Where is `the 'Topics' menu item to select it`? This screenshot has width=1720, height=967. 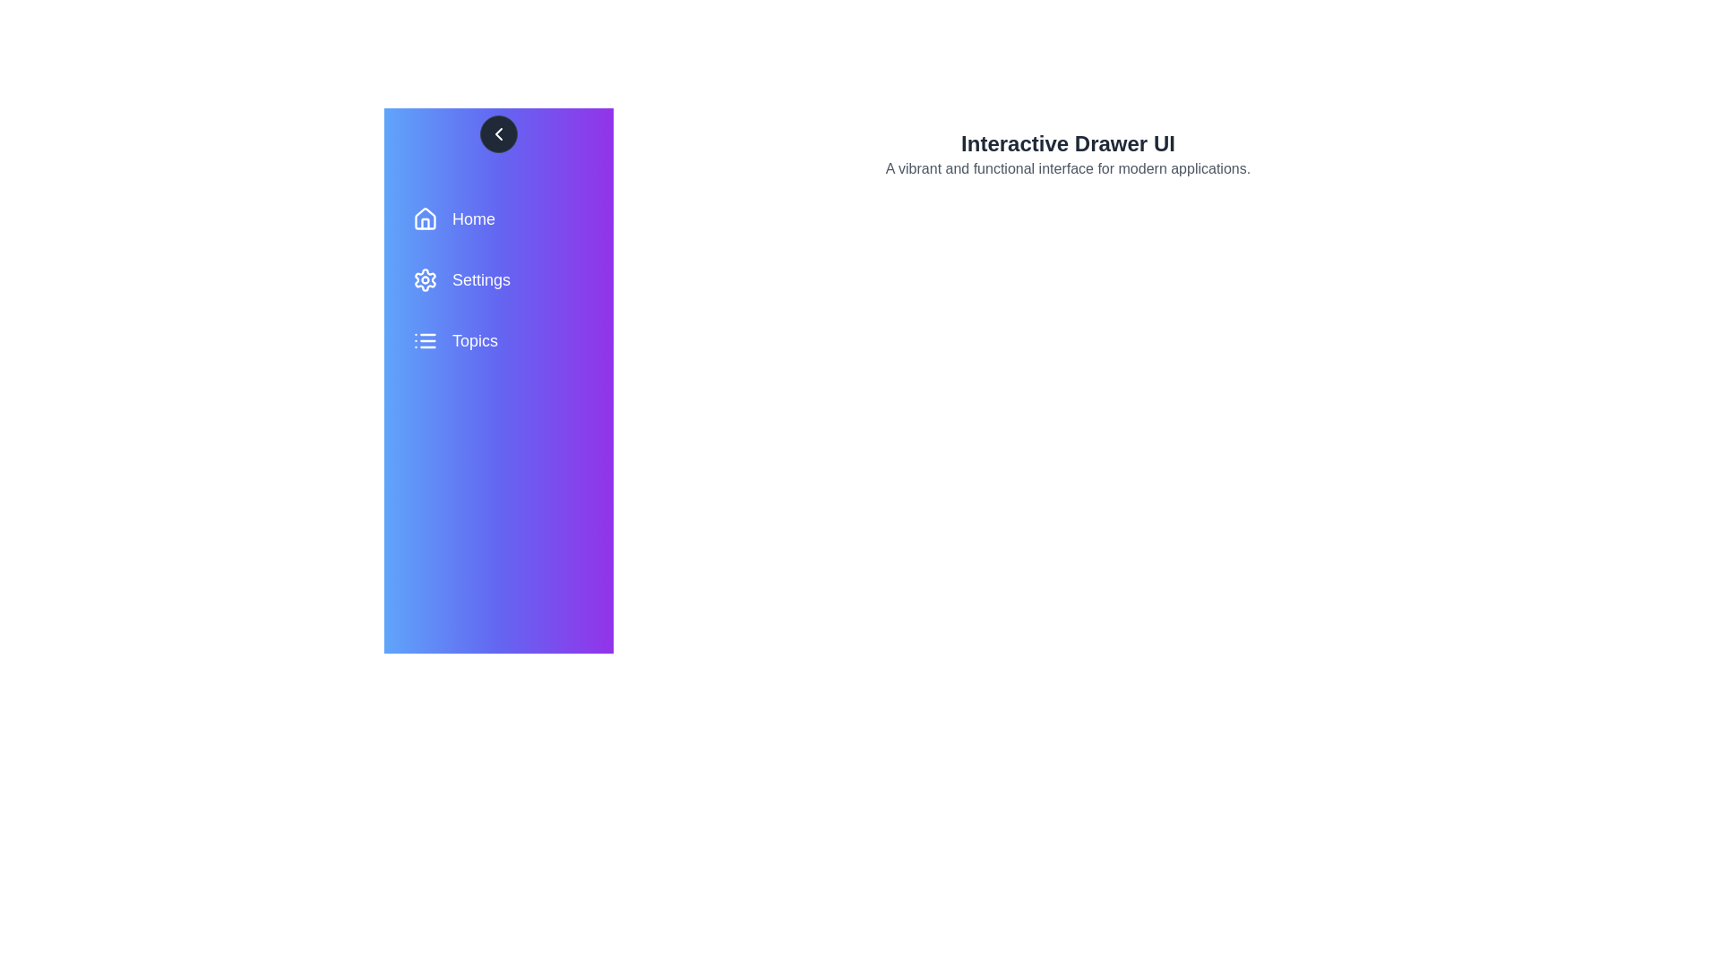
the 'Topics' menu item to select it is located at coordinates (498, 341).